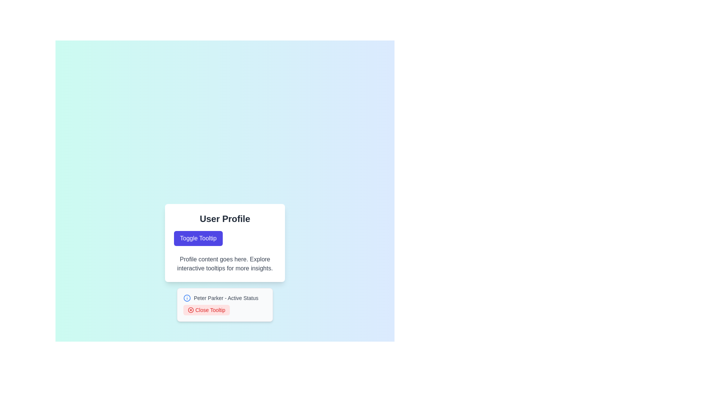  I want to click on the circular blue icon with an outlined circle and a dot at the center, located at the leftmost position of the group containing the text 'Peter Parker - Active Status', so click(187, 297).